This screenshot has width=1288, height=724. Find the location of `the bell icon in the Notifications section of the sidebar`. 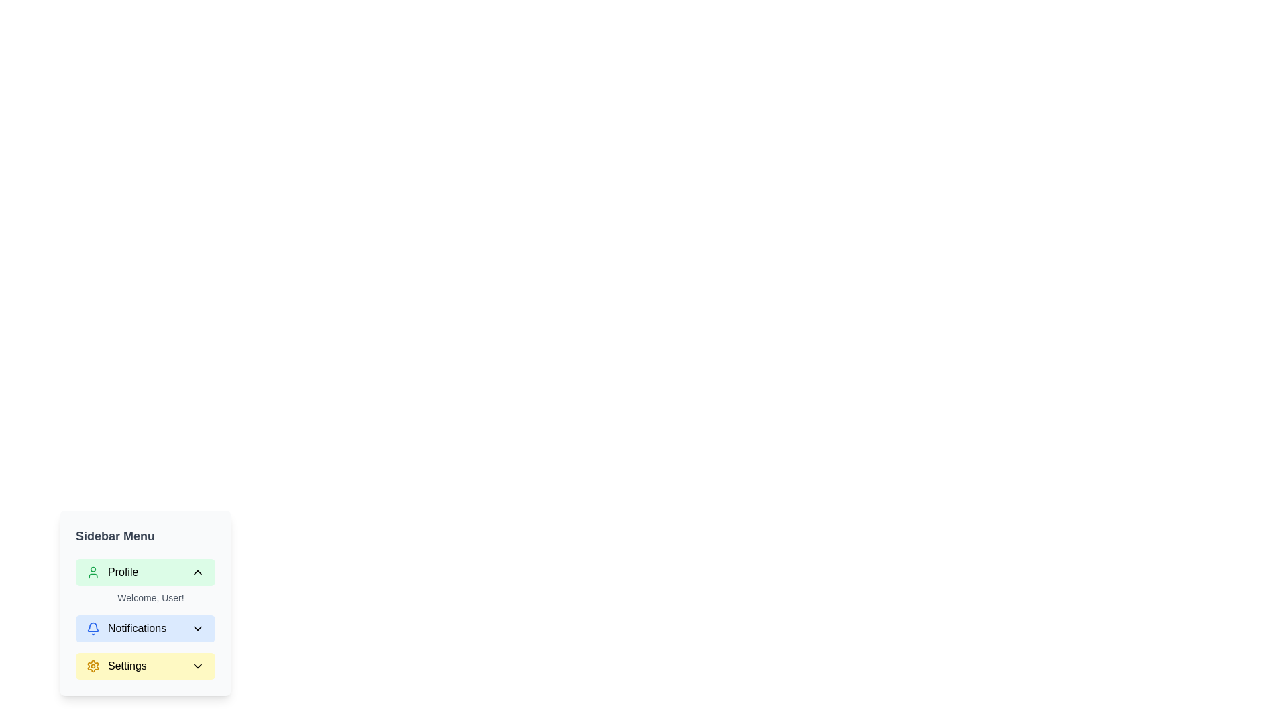

the bell icon in the Notifications section of the sidebar is located at coordinates (93, 628).